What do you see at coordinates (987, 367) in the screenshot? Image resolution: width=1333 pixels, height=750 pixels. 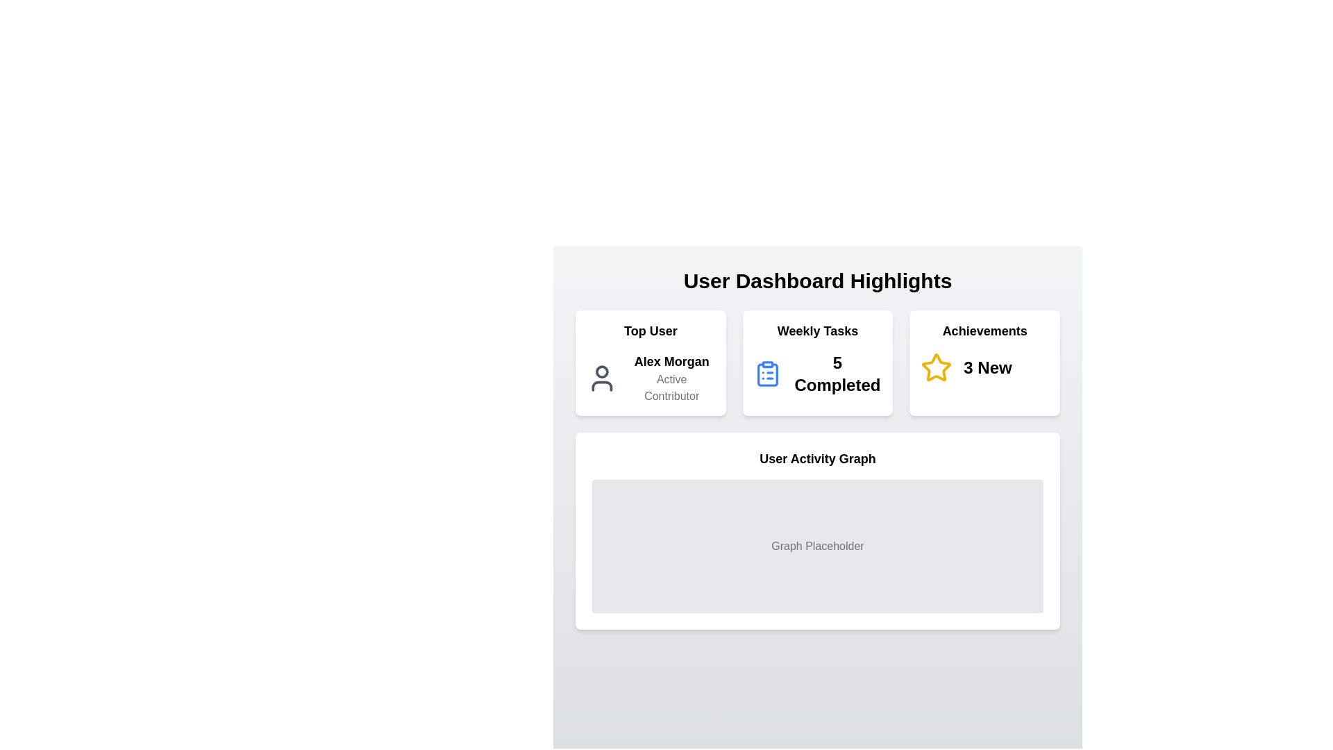 I see `the static text indicating three new achievements located in the 'Achievements' card, to the right of the star icon` at bounding box center [987, 367].